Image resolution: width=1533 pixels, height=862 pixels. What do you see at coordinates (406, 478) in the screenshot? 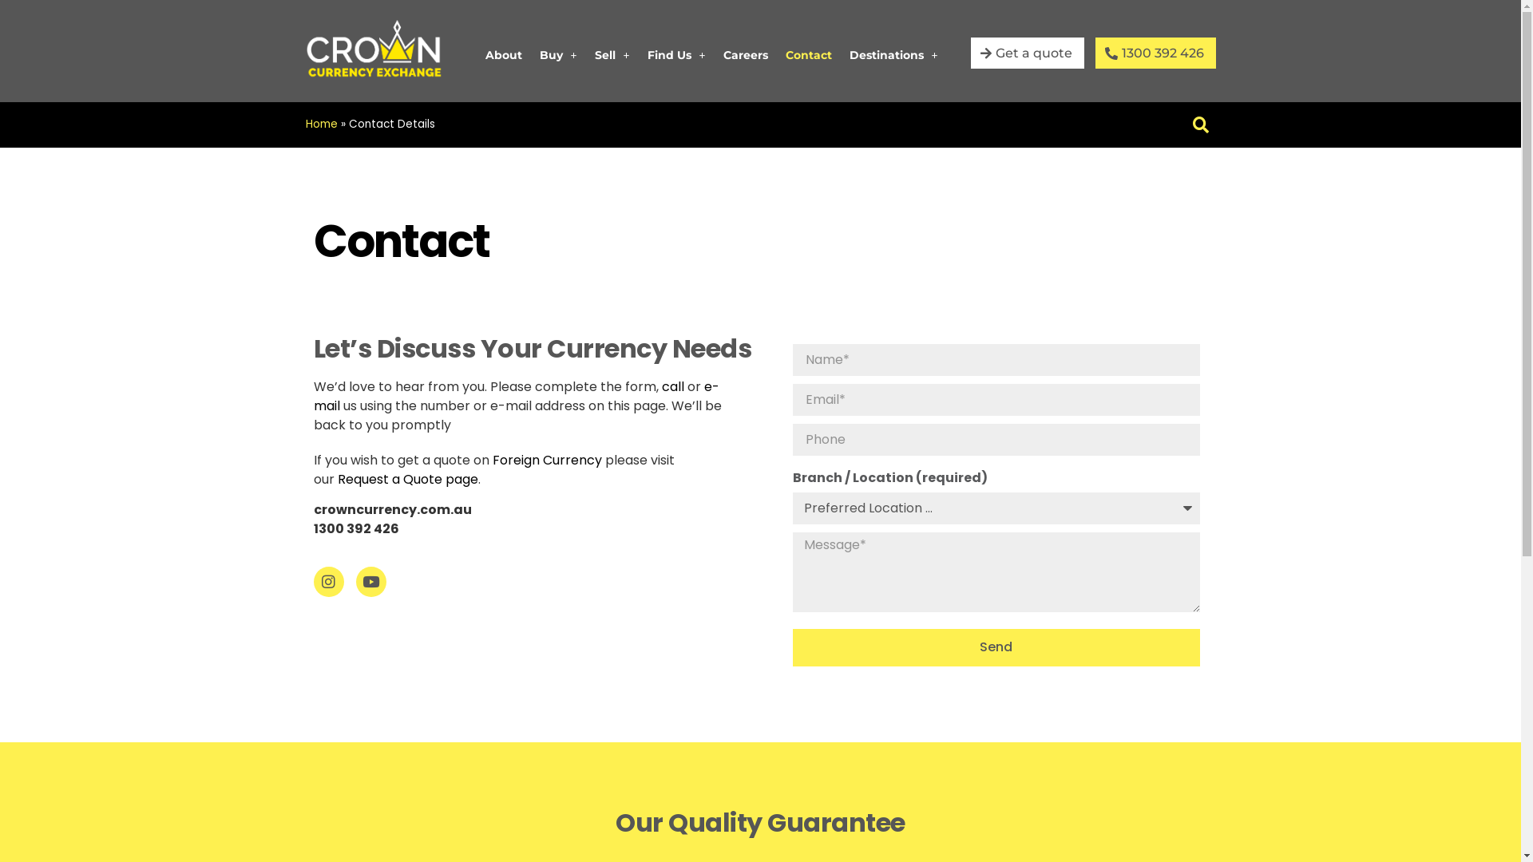
I see `'Request a Quote page'` at bounding box center [406, 478].